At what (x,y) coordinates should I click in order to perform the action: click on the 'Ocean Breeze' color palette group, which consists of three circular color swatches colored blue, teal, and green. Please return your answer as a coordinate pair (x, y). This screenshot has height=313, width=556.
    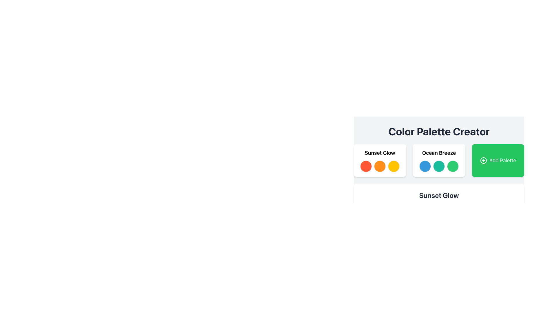
    Looking at the image, I should click on (439, 166).